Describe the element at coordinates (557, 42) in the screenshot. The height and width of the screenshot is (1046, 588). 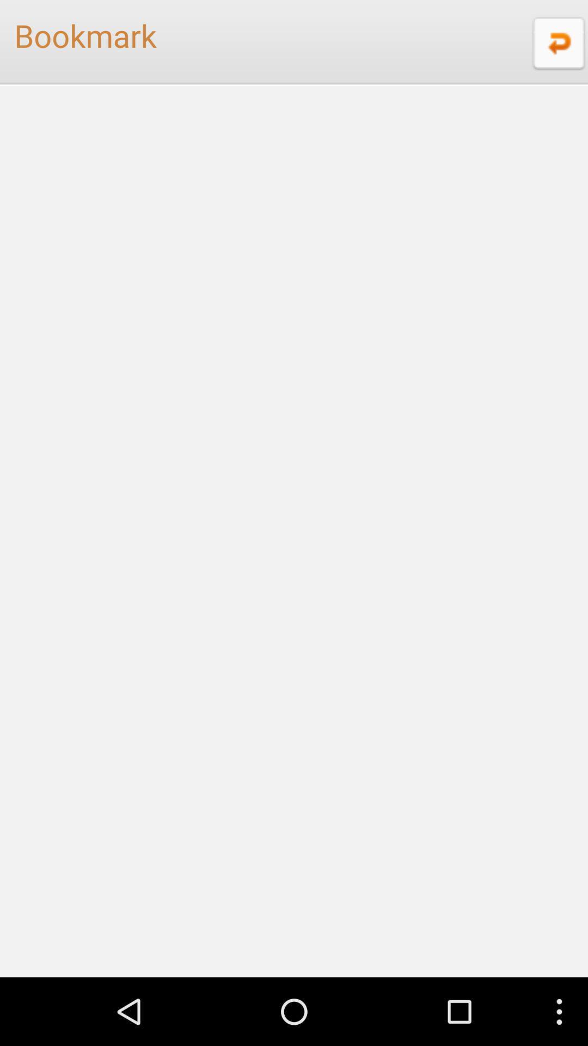
I see `the icon to the right of the bookmark` at that location.